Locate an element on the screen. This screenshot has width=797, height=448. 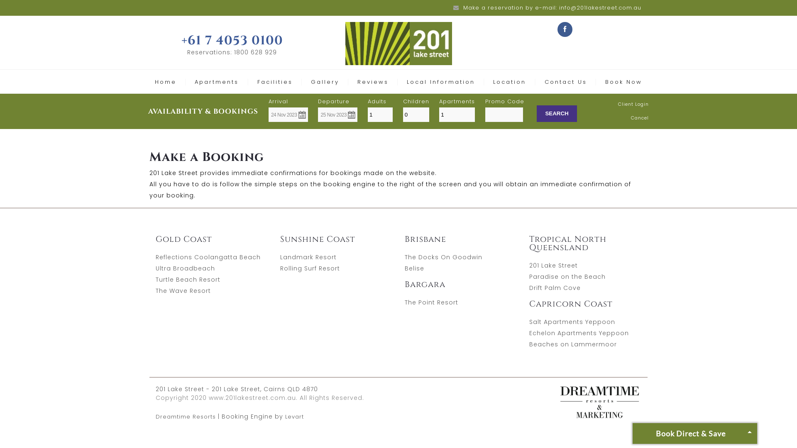
'Drift Palm Cove' is located at coordinates (555, 287).